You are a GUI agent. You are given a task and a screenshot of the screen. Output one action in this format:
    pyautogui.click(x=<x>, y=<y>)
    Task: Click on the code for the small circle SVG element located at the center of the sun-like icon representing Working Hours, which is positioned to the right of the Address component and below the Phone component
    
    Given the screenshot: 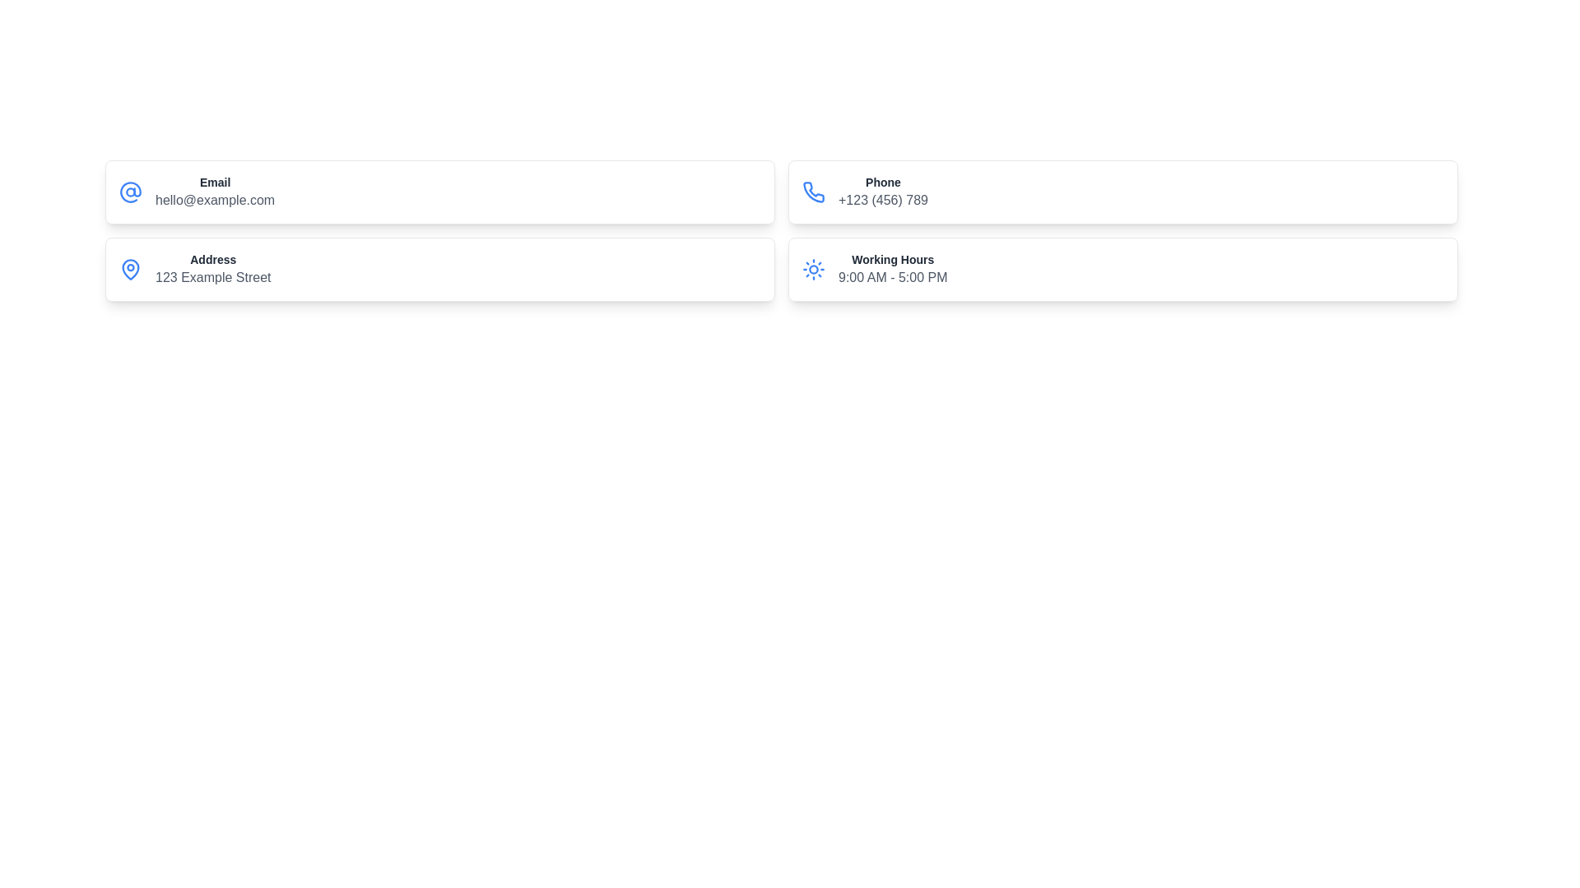 What is the action you would take?
    pyautogui.click(x=813, y=268)
    